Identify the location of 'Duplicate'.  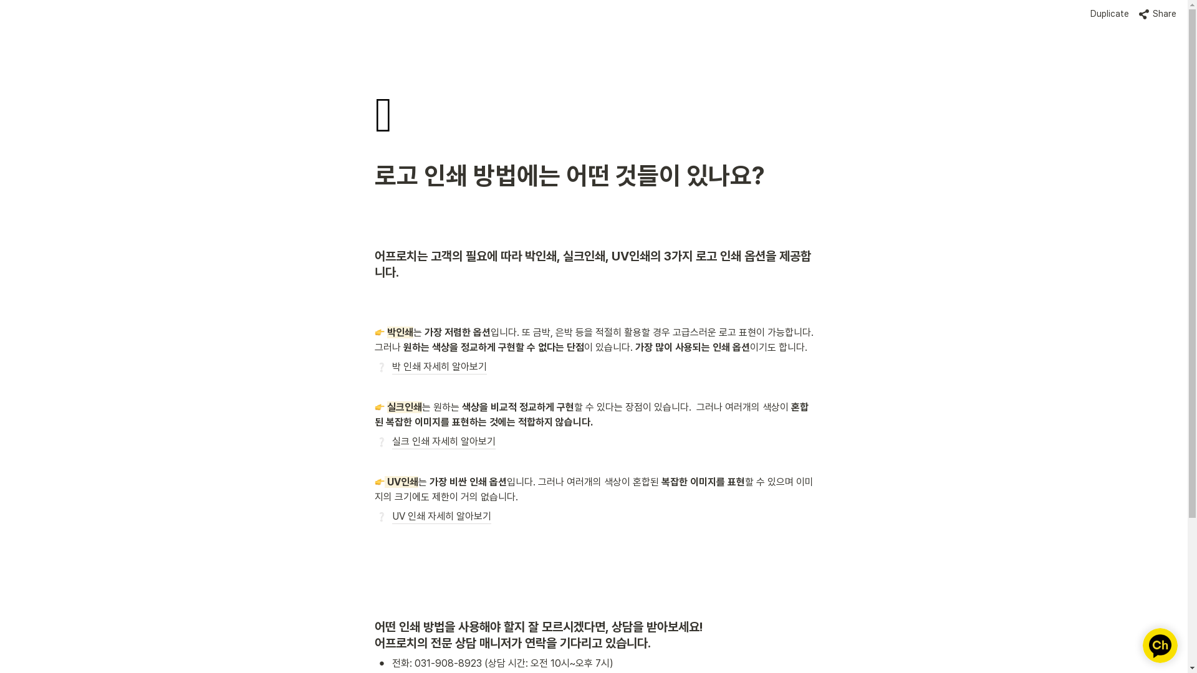
(1085, 14).